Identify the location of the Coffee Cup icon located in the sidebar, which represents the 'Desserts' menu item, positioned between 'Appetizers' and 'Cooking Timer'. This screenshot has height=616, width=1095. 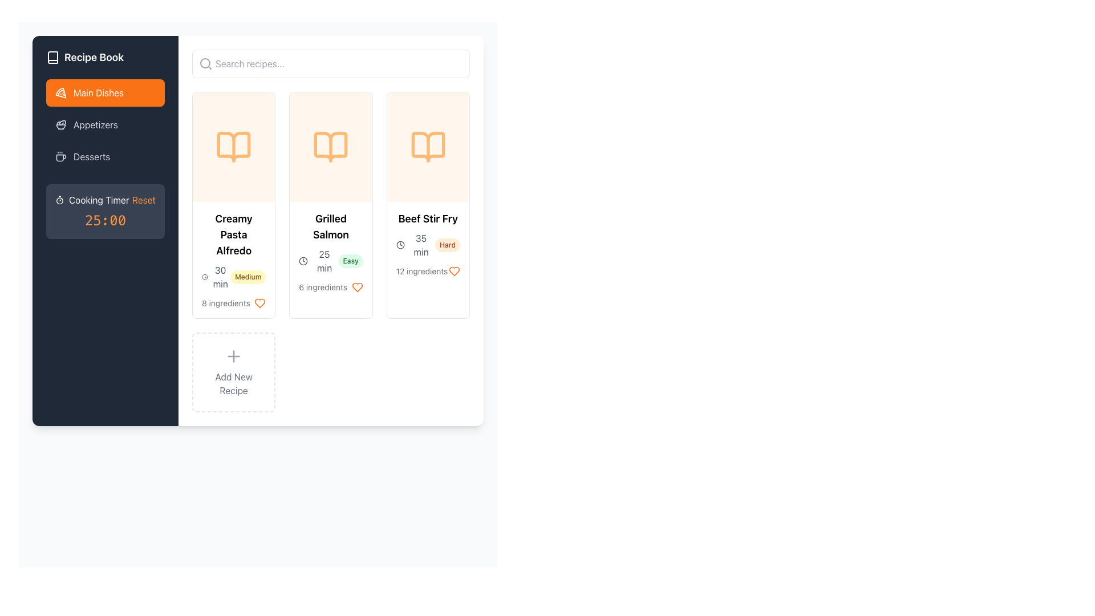
(60, 156).